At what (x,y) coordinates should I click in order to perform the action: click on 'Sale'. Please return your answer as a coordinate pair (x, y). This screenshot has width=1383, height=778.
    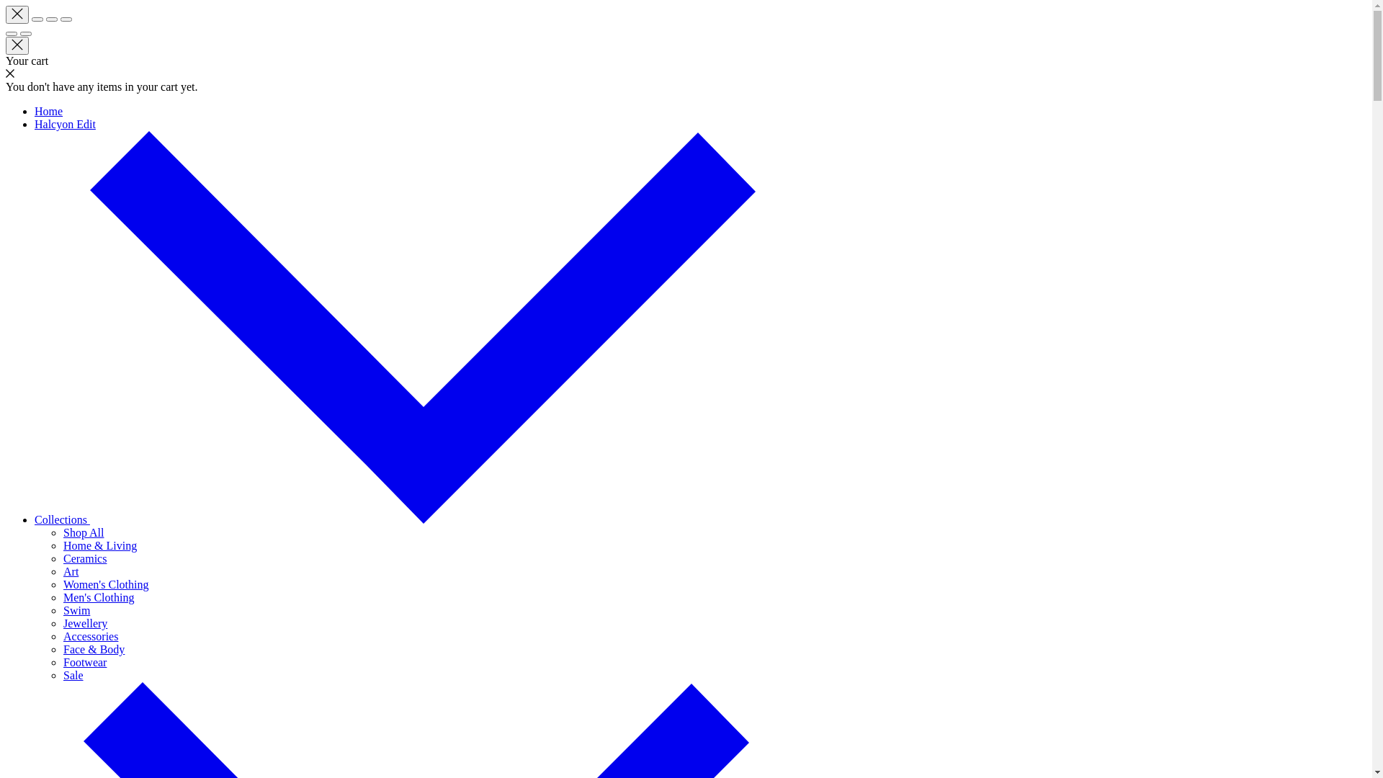
    Looking at the image, I should click on (62, 675).